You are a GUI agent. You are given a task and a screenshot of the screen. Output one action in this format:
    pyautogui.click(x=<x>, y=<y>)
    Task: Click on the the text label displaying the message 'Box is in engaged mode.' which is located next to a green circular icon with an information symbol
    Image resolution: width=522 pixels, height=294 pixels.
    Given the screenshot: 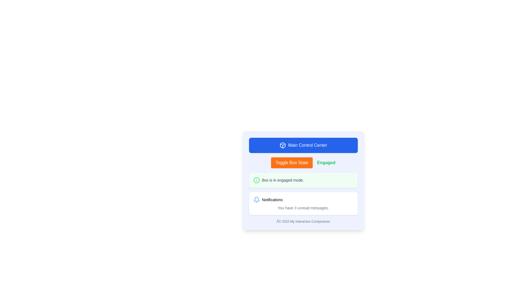 What is the action you would take?
    pyautogui.click(x=283, y=180)
    